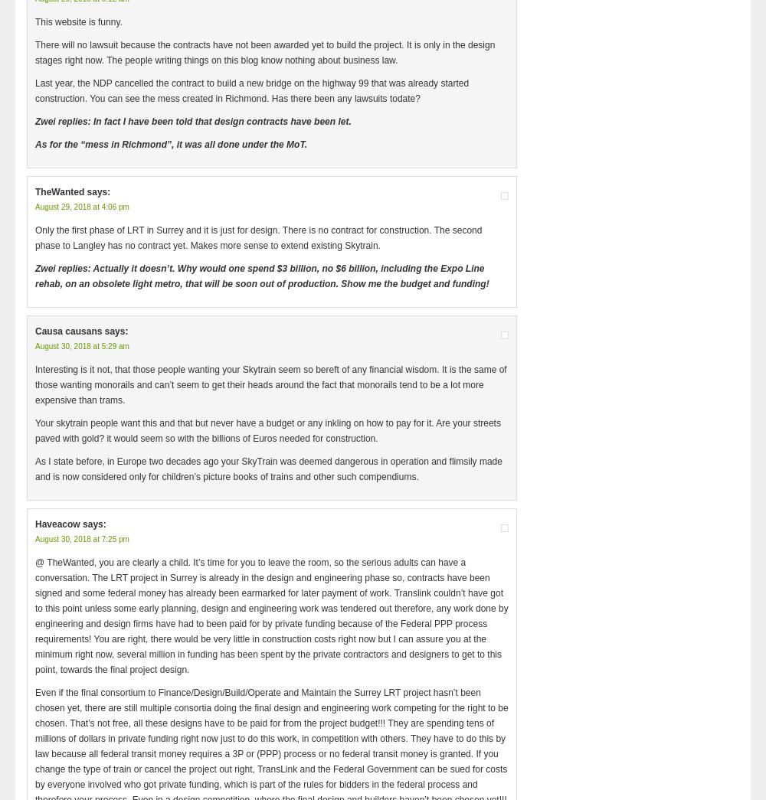 The width and height of the screenshot is (766, 800). Describe the element at coordinates (35, 191) in the screenshot. I see `'TheWanted'` at that location.